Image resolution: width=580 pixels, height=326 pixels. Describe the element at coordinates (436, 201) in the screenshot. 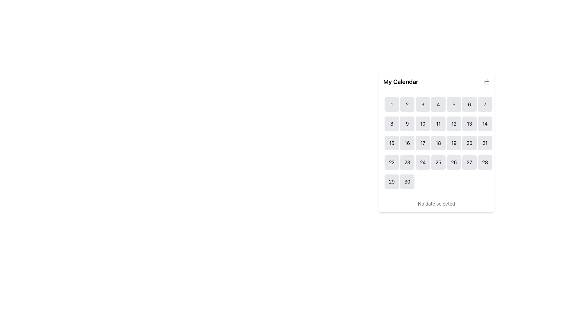

I see `the static label indicating that no date has been selected in the calendar, located at the bottom of the calendar interface` at that location.